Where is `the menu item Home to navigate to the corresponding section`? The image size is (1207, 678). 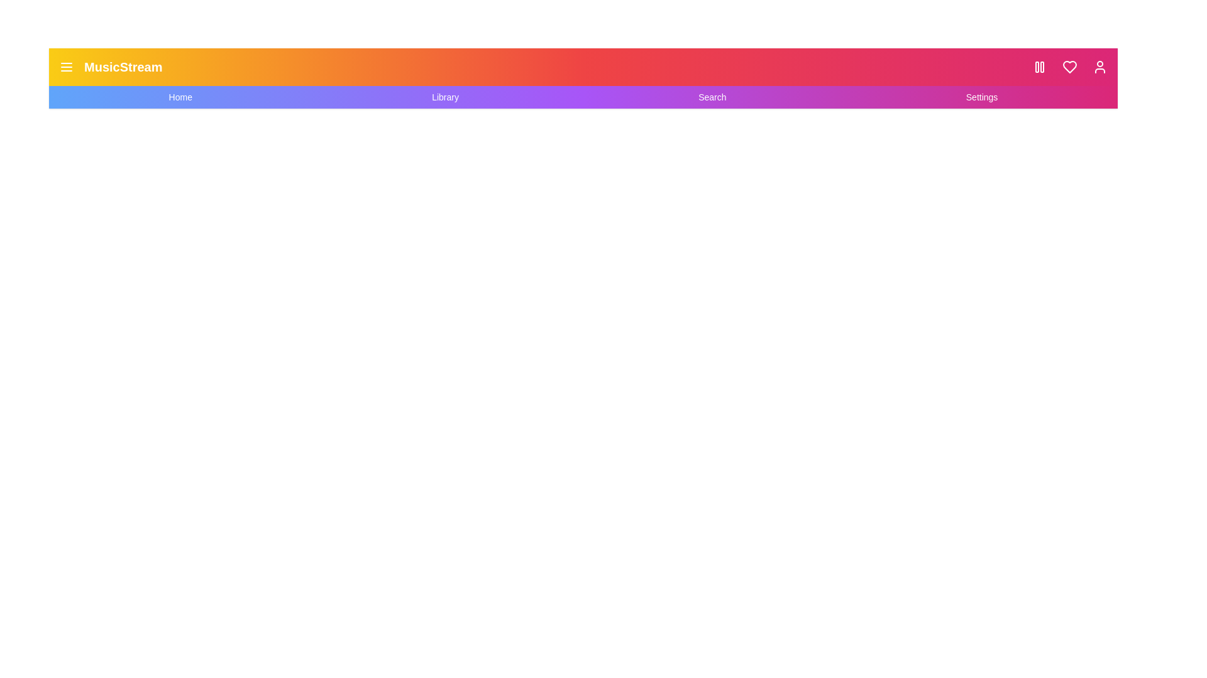
the menu item Home to navigate to the corresponding section is located at coordinates (180, 96).